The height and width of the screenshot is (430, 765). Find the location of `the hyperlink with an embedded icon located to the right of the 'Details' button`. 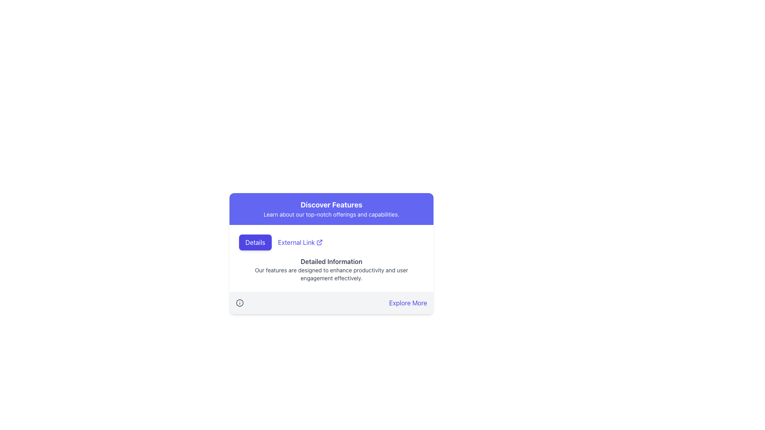

the hyperlink with an embedded icon located to the right of the 'Details' button is located at coordinates (300, 242).